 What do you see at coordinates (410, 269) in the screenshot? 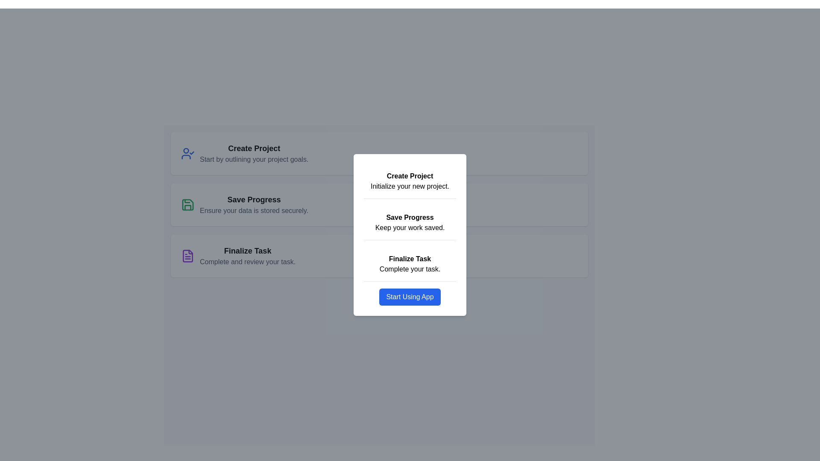
I see `the static text reading 'Complete your task.' which is located below the bolded heading 'Finalize Task' in the right-hand panel card` at bounding box center [410, 269].